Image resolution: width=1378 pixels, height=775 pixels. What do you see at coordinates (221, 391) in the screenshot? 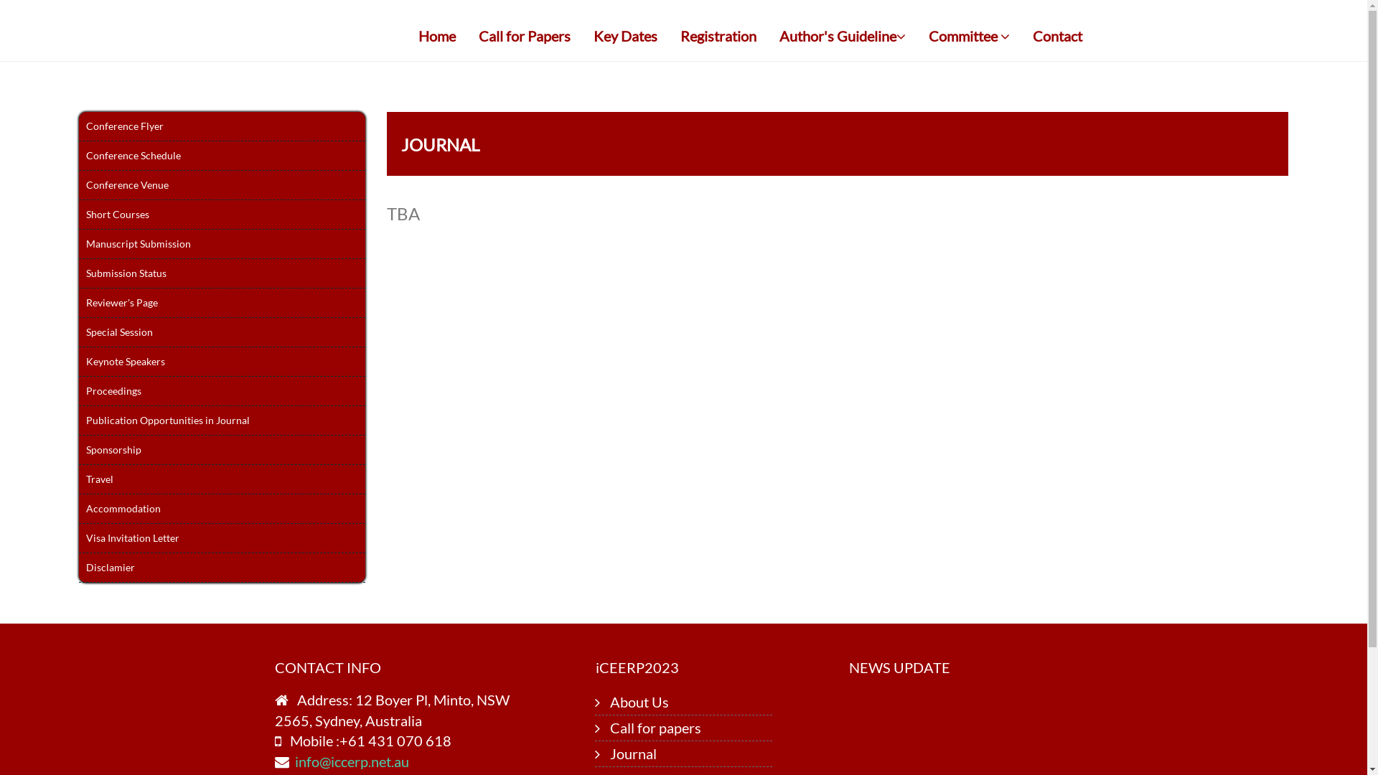
I see `'Proceedings'` at bounding box center [221, 391].